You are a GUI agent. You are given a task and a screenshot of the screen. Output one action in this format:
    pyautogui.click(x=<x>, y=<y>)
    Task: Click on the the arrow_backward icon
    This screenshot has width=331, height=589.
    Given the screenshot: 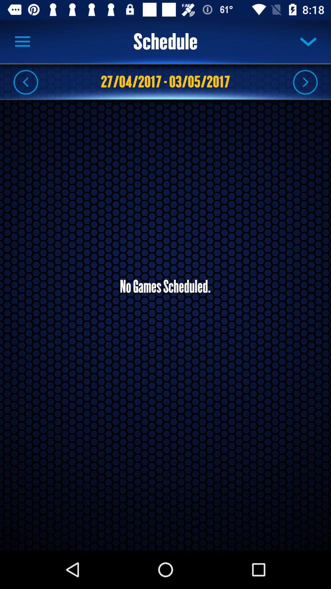 What is the action you would take?
    pyautogui.click(x=25, y=82)
    